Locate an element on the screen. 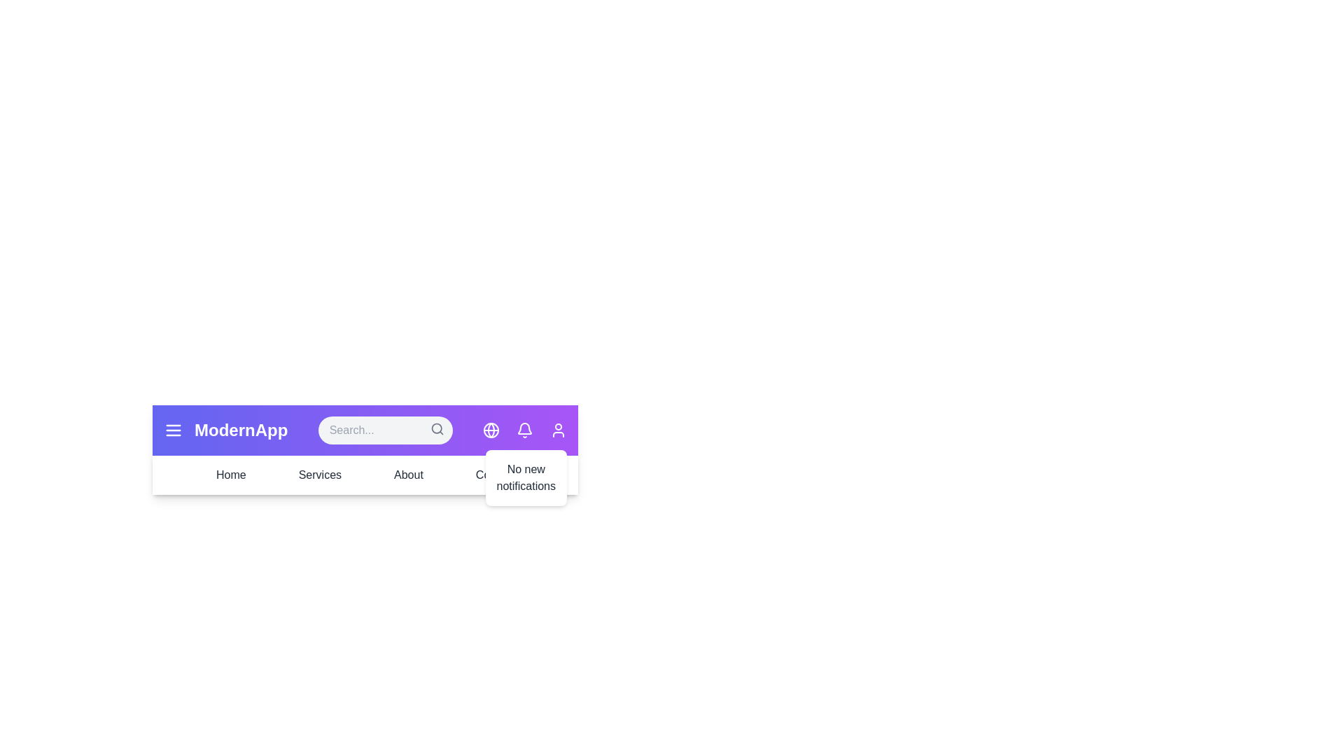 The width and height of the screenshot is (1344, 756). the bell icon to view notifications is located at coordinates (524, 429).